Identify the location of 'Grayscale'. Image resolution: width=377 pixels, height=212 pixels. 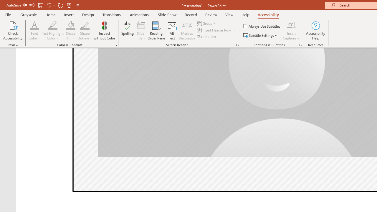
(28, 14).